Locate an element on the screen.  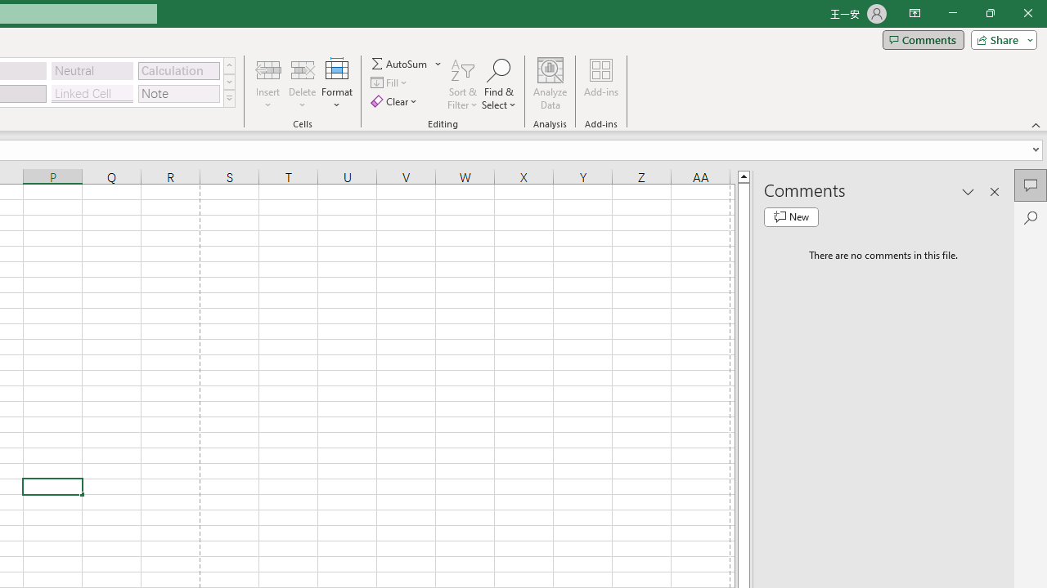
'Close' is located at coordinates (1027, 13).